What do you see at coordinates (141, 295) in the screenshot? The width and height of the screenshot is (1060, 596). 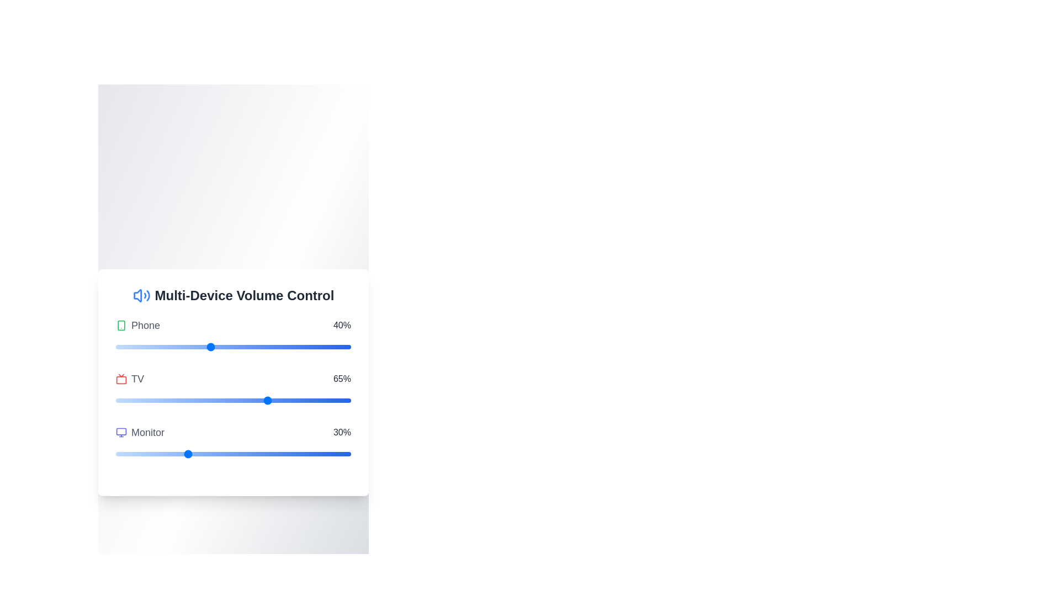 I see `the volume control icon, which is the first icon in the Multi-Device Volume Control section, positioned on the leftmost side of the header row` at bounding box center [141, 295].